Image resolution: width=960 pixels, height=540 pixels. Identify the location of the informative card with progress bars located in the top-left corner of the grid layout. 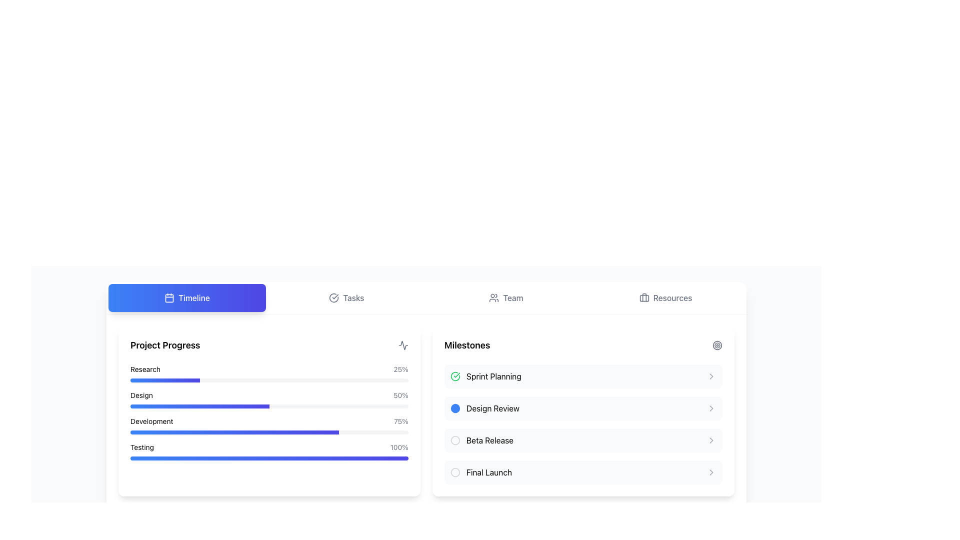
(269, 411).